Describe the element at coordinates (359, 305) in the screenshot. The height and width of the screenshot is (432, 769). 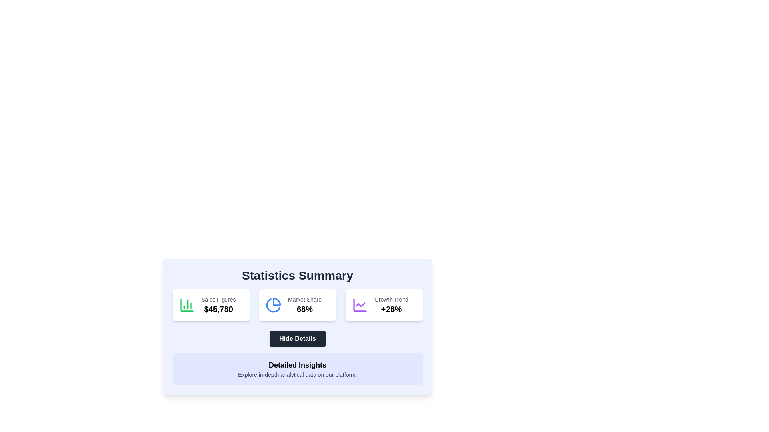
I see `the purple line graph icon representing growth trend, located within the 'Growth Trend' card, positioned to the left of the '+28%' text` at that location.